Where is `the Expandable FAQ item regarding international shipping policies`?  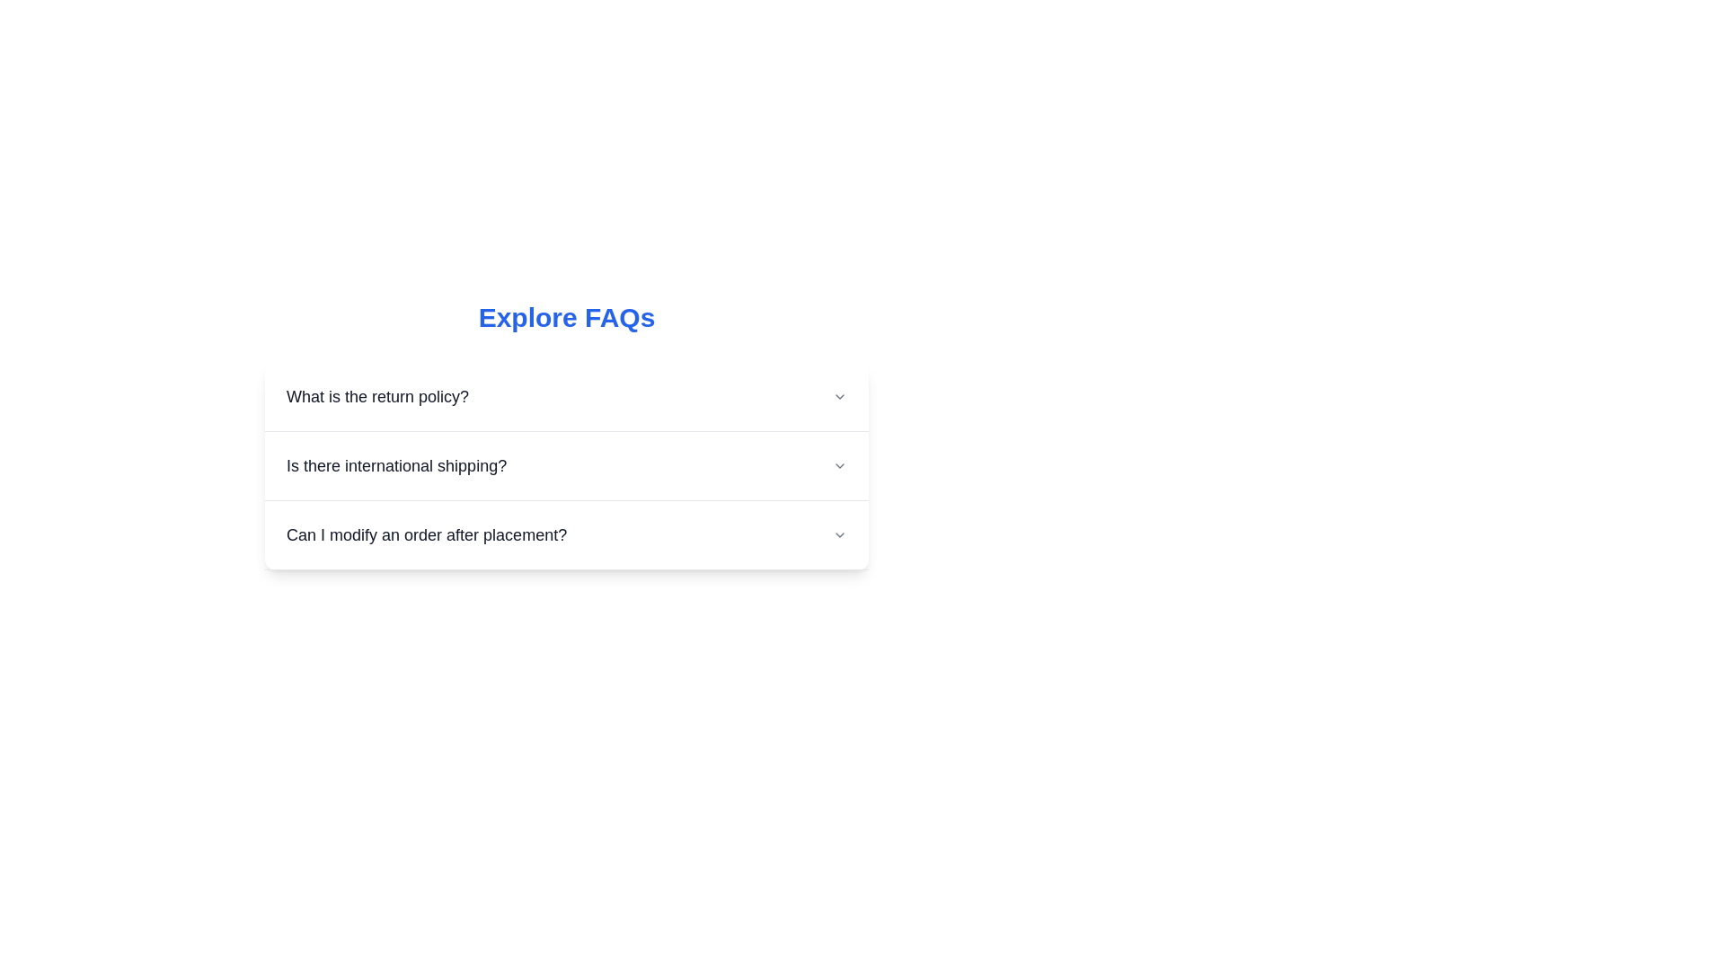 the Expandable FAQ item regarding international shipping policies is located at coordinates (565, 465).